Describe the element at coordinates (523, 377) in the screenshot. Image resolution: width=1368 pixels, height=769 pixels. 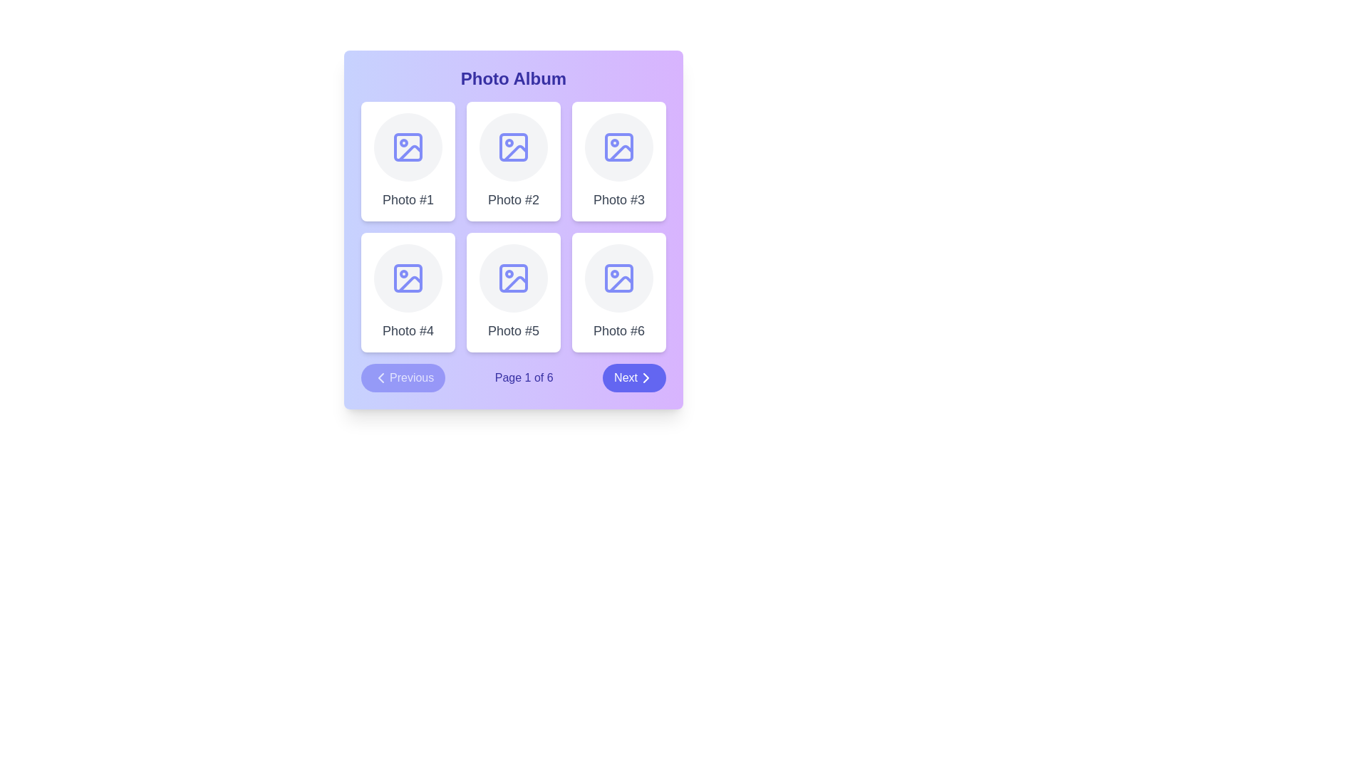
I see `the text label displaying 'Page 1 of 6', which is styled with an indigo font color and located in the navigation bar at the bottom of the 'Photo Album' interface` at that location.